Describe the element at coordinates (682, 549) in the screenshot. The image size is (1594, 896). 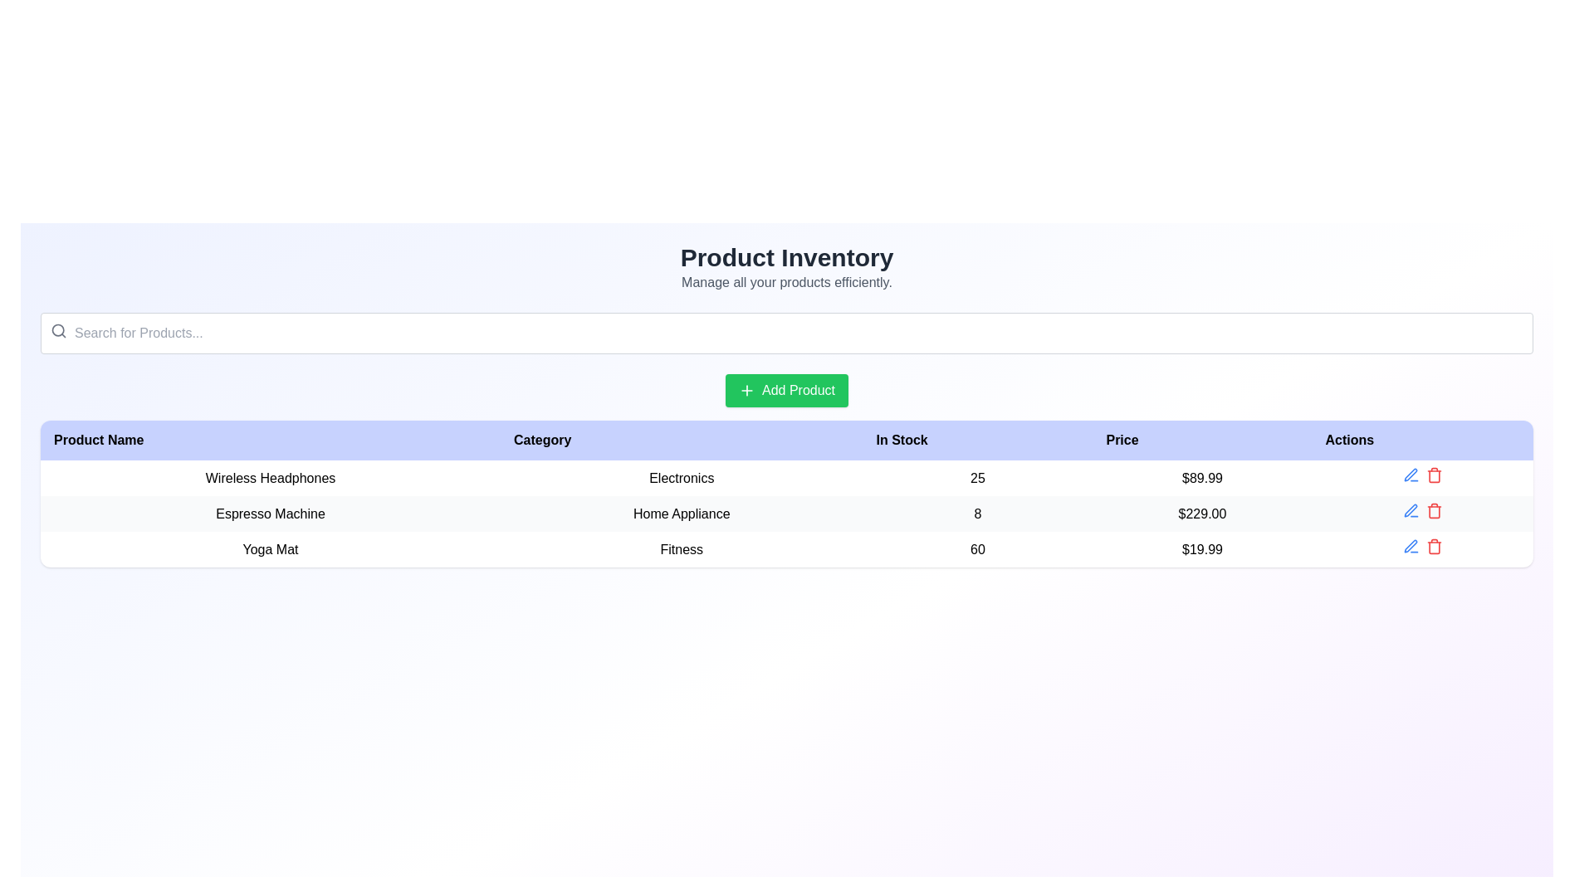
I see `the text label displaying 'Fitness' located in the second column of the last row under the 'Category' header in the table interface` at that location.